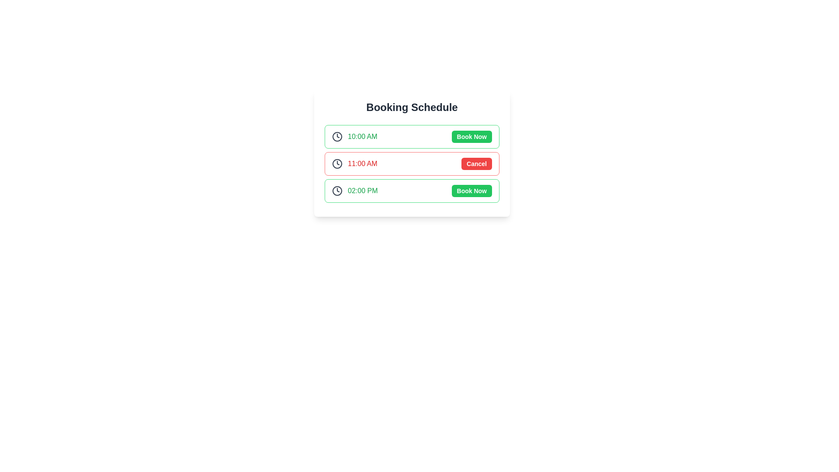 The height and width of the screenshot is (472, 839). I want to click on the circular SVG graphic that is part of the clock icon located next to the '10:00 AM' text in the first row of the schedule list, so click(337, 136).